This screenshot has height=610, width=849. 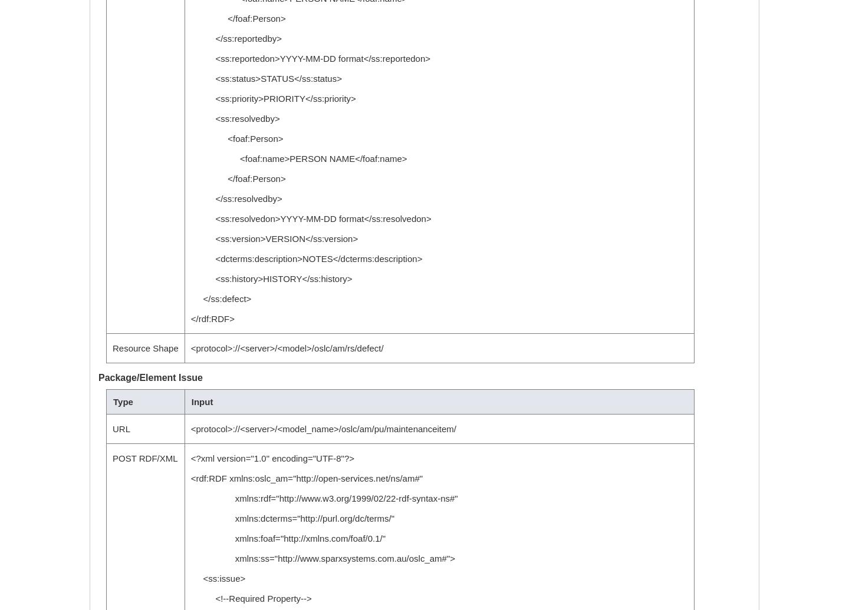 What do you see at coordinates (272, 458) in the screenshot?
I see `'<?xml version="1.0" encoding="UTF-8"?>'` at bounding box center [272, 458].